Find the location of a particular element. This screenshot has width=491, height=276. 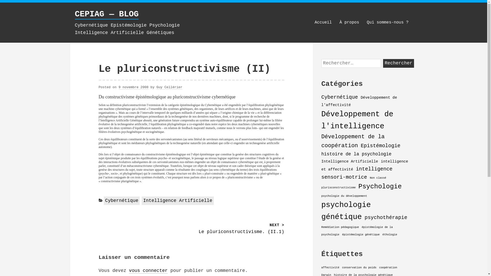

'9 novembre 2008' is located at coordinates (118, 87).